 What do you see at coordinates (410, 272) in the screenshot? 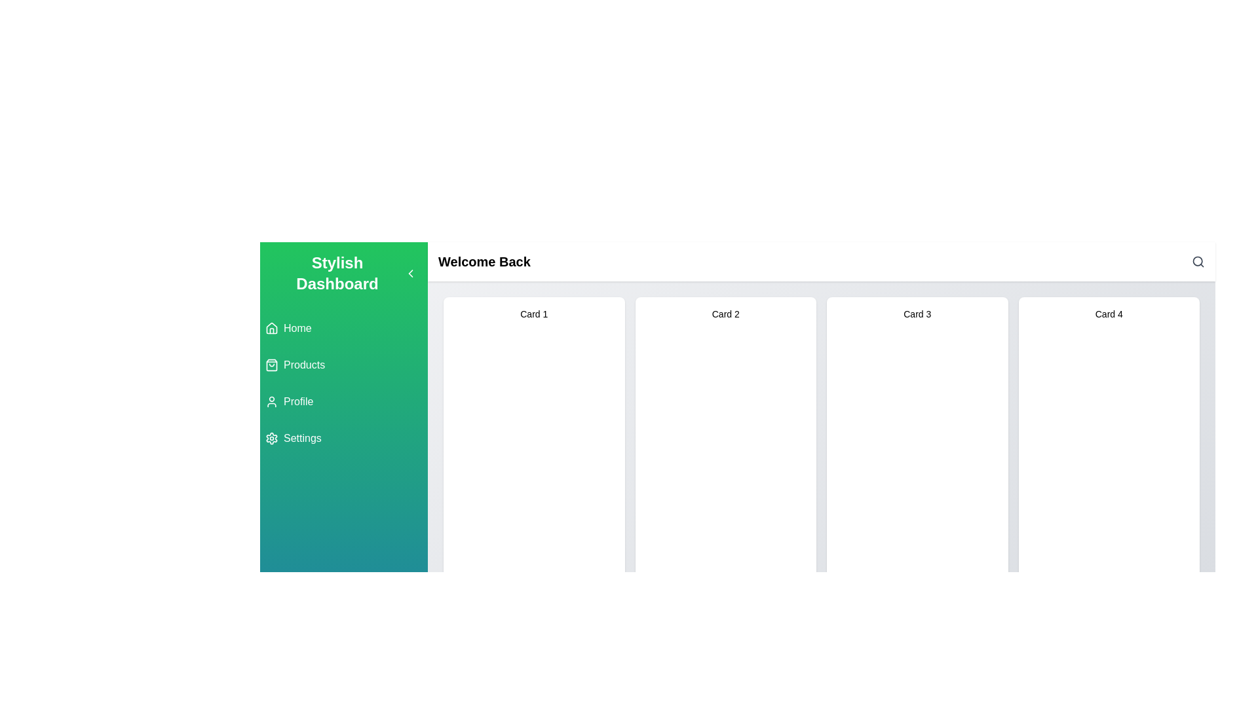
I see `the small left-pointing chevron icon in the header bar, located near the text 'Stylish Dashboard'` at bounding box center [410, 272].